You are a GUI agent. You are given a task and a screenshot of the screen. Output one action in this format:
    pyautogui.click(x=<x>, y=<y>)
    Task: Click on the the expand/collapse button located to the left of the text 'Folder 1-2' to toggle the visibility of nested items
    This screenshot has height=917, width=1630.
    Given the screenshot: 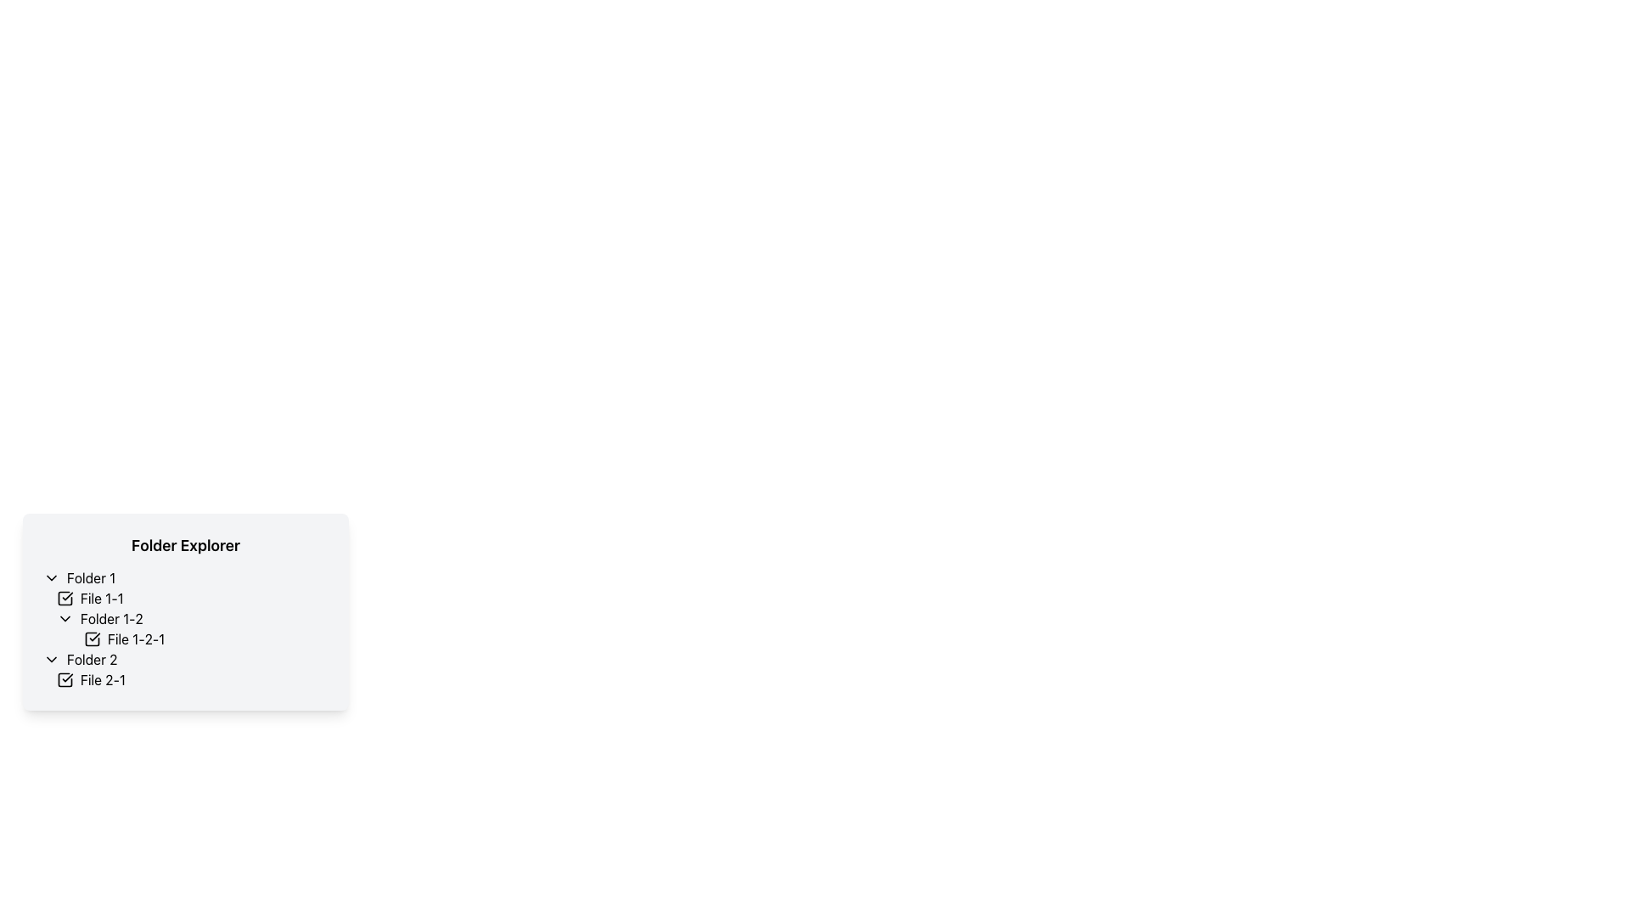 What is the action you would take?
    pyautogui.click(x=65, y=619)
    